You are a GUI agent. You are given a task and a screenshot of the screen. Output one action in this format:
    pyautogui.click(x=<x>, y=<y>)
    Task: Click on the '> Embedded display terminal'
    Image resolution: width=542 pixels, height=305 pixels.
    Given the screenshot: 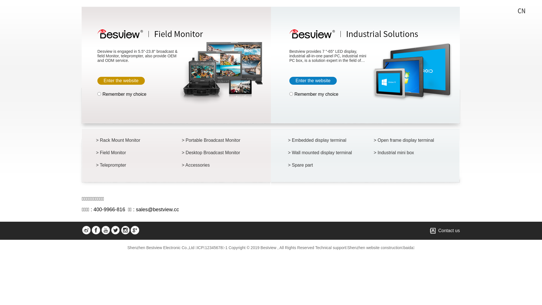 What is the action you would take?
    pyautogui.click(x=321, y=140)
    